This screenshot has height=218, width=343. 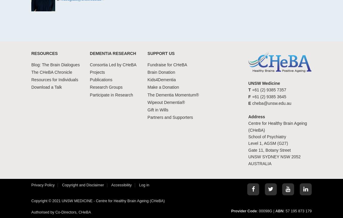 What do you see at coordinates (111, 94) in the screenshot?
I see `'Participate in Research'` at bounding box center [111, 94].